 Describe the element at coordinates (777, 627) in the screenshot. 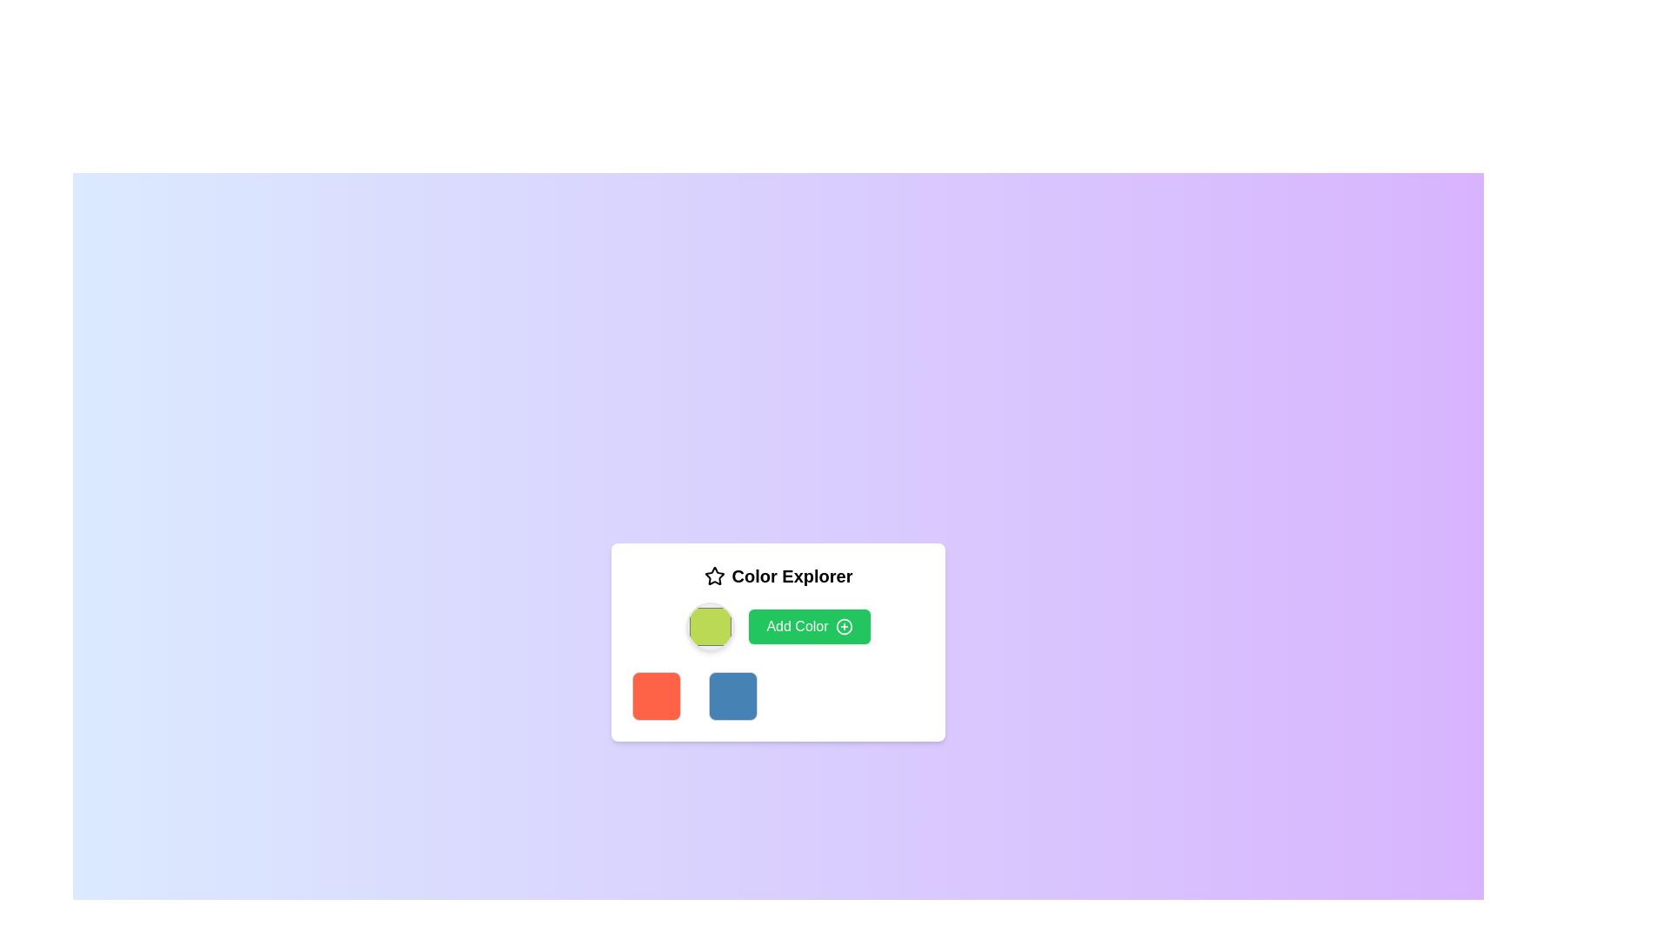

I see `the rectangular green button labeled 'Add Color' with a white '+' icon on its right side` at that location.